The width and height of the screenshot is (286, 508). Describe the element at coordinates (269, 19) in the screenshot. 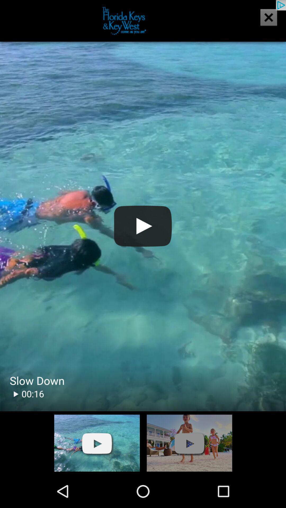

I see `the close icon` at that location.